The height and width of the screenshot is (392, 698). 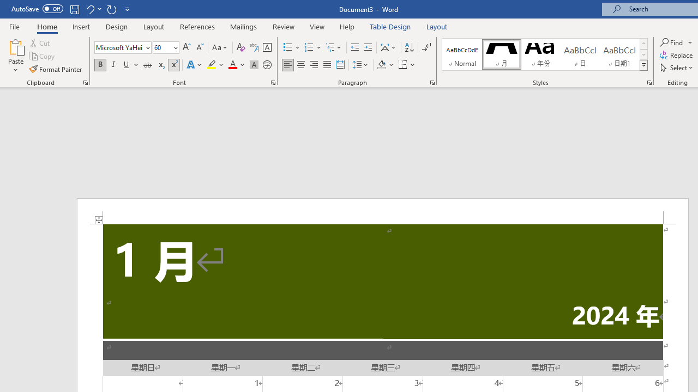 I want to click on 'AutoSave', so click(x=37, y=9).